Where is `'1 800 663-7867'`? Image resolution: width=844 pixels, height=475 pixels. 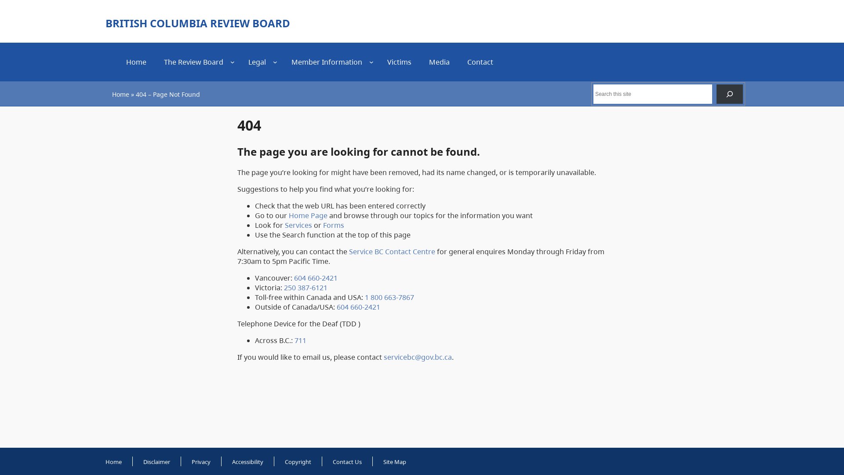
'1 800 663-7867' is located at coordinates (389, 297).